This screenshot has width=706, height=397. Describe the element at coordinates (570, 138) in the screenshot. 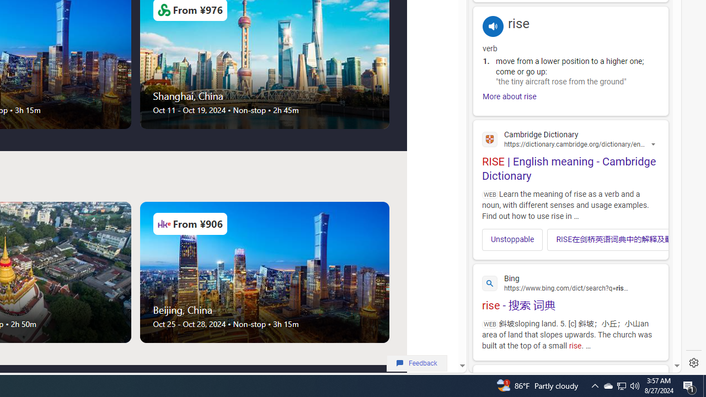

I see `'Cambridge Dictionary'` at that location.